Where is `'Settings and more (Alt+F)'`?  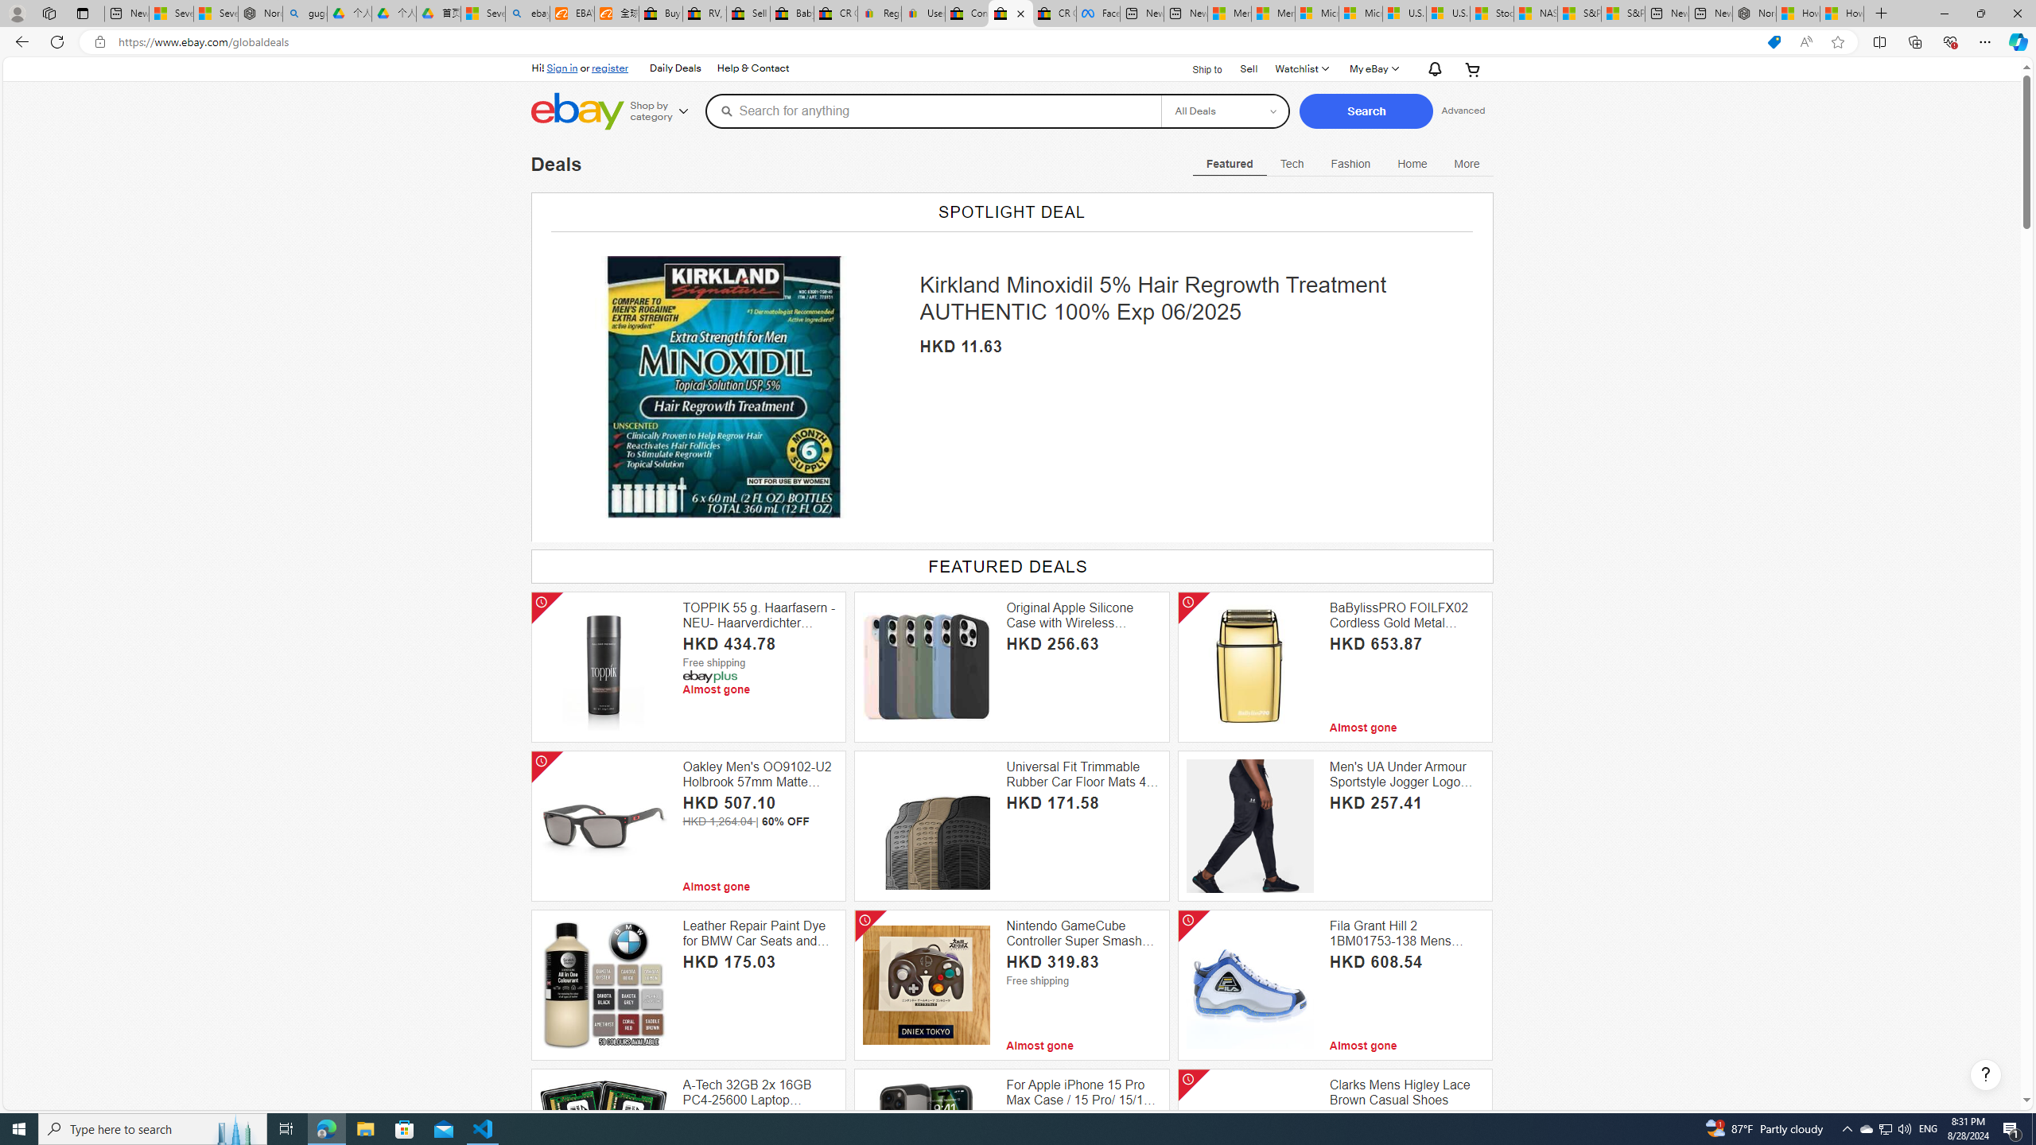
'Settings and more (Alt+F)' is located at coordinates (1984, 41).